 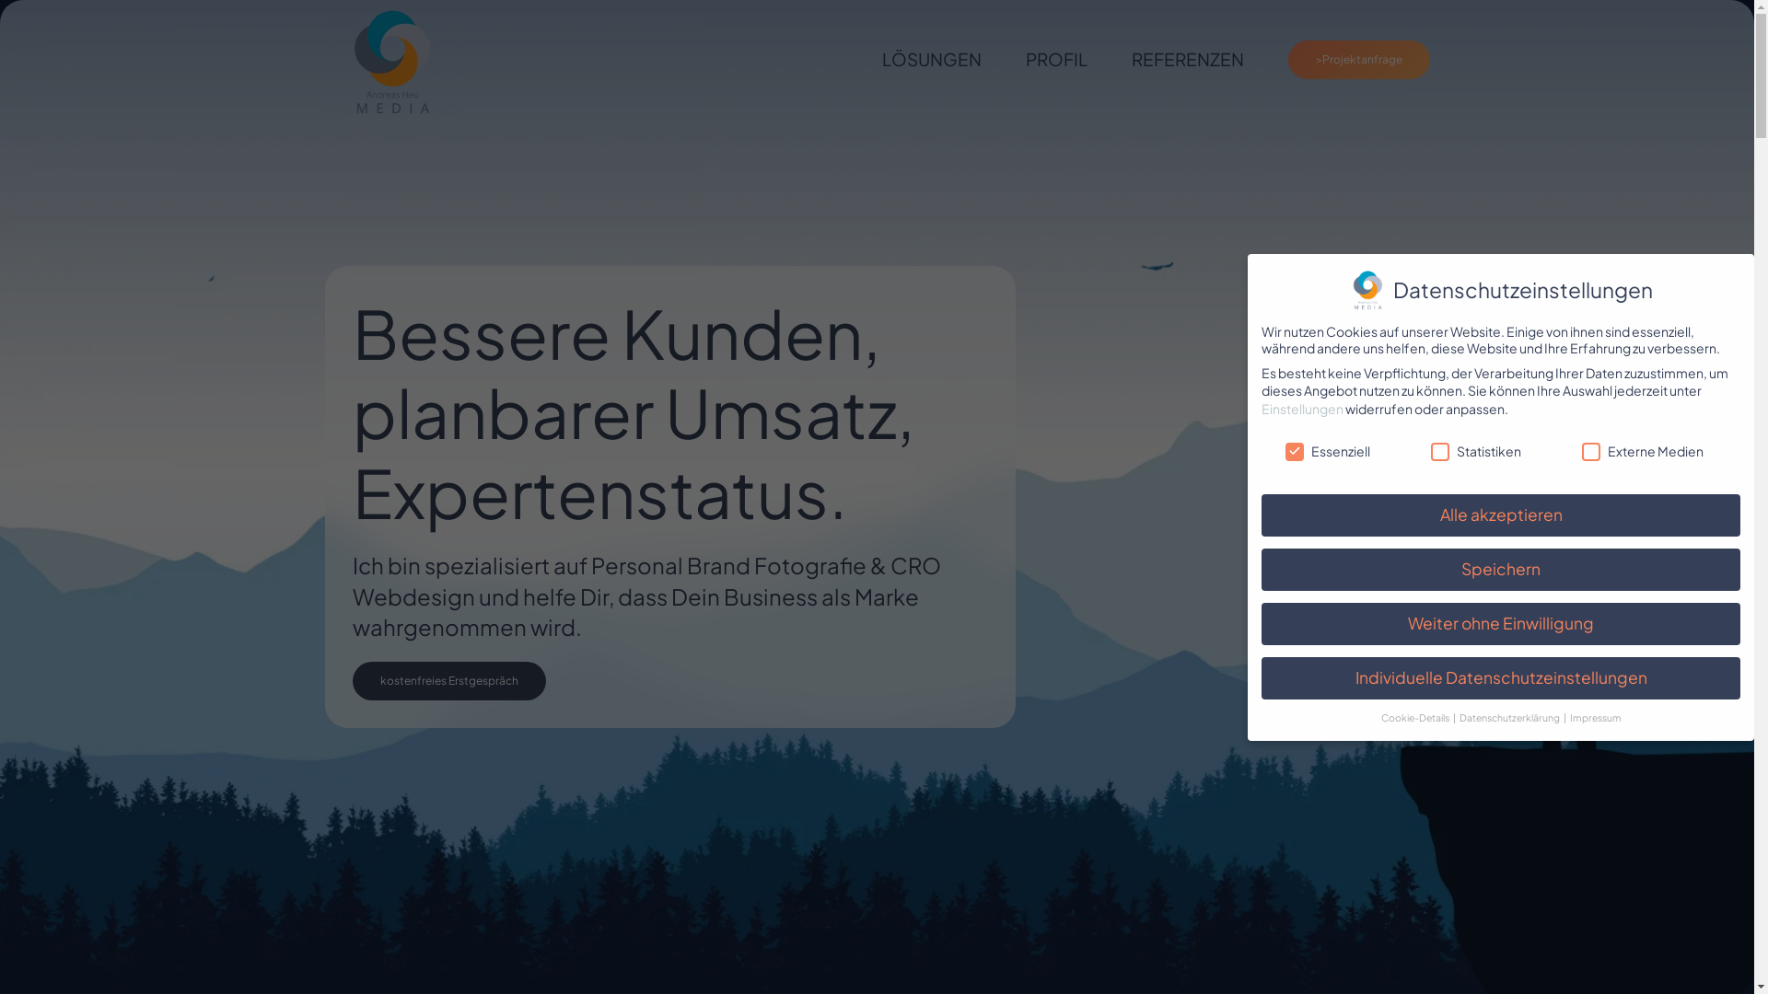 What do you see at coordinates (1501, 568) in the screenshot?
I see `'Speichern'` at bounding box center [1501, 568].